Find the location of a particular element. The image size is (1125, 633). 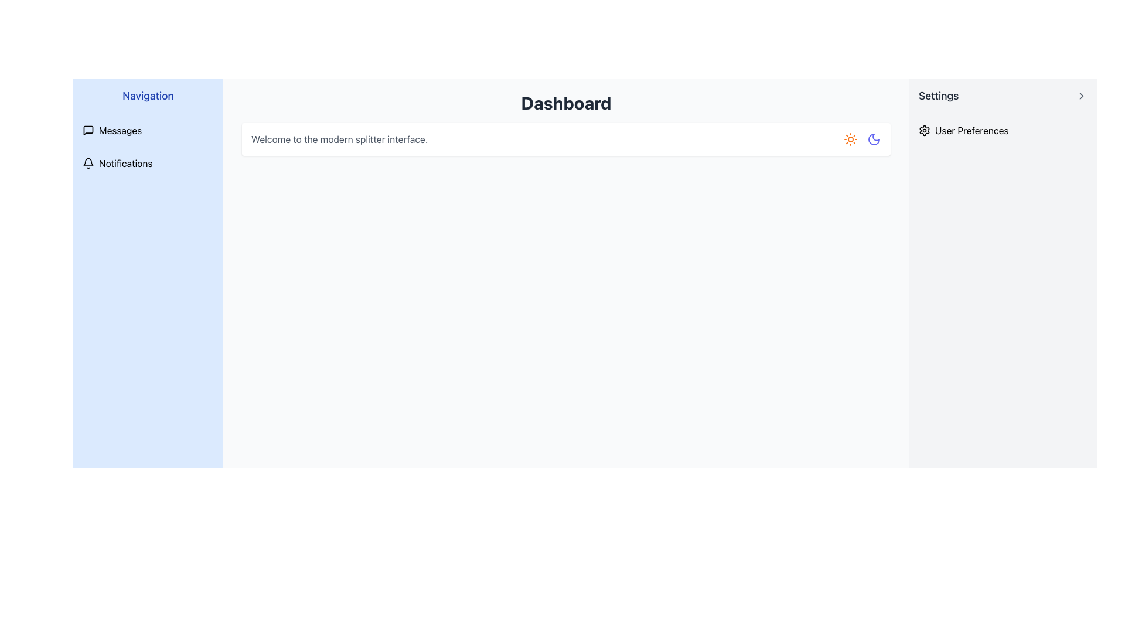

the indigo moon icon located in the settings bar at the top-right corner of the dashboard is located at coordinates (874, 139).